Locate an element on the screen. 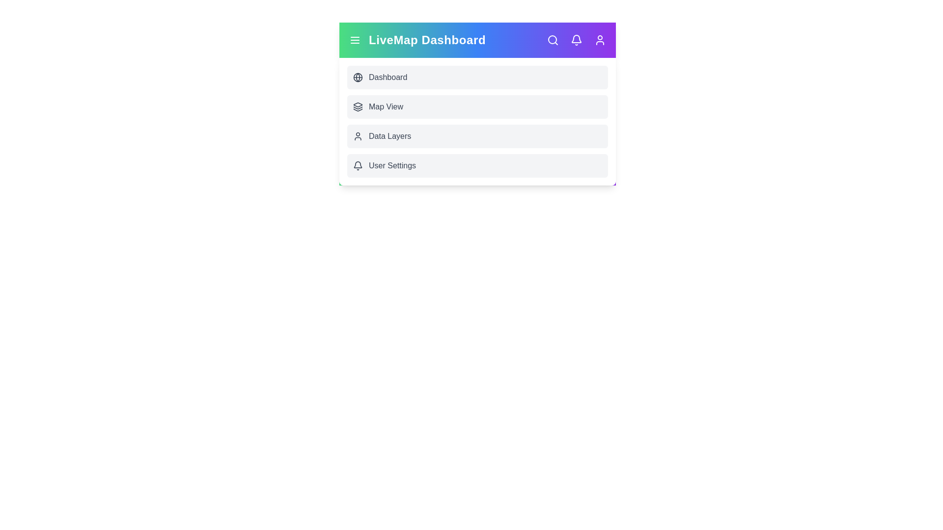 This screenshot has width=943, height=530. the menu option Dashboard to navigate is located at coordinates (477, 77).